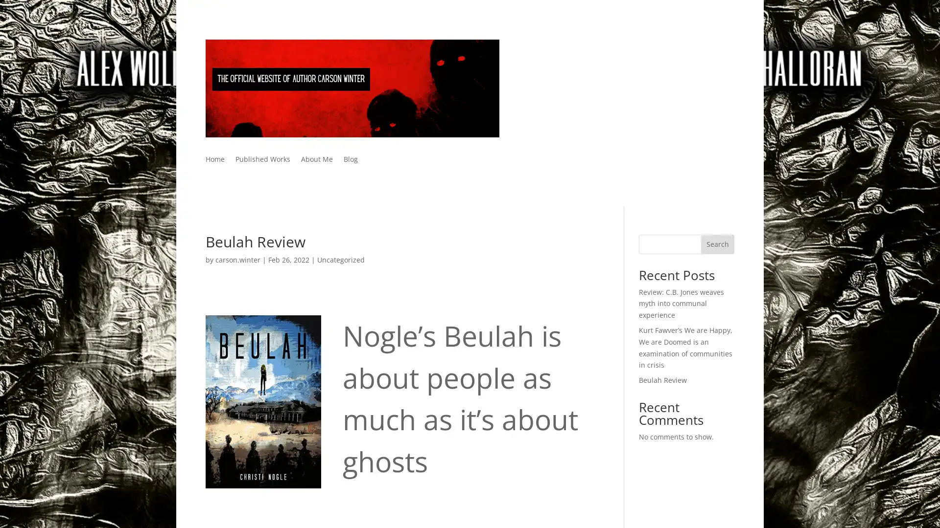 This screenshot has width=940, height=528. I want to click on Search, so click(717, 243).